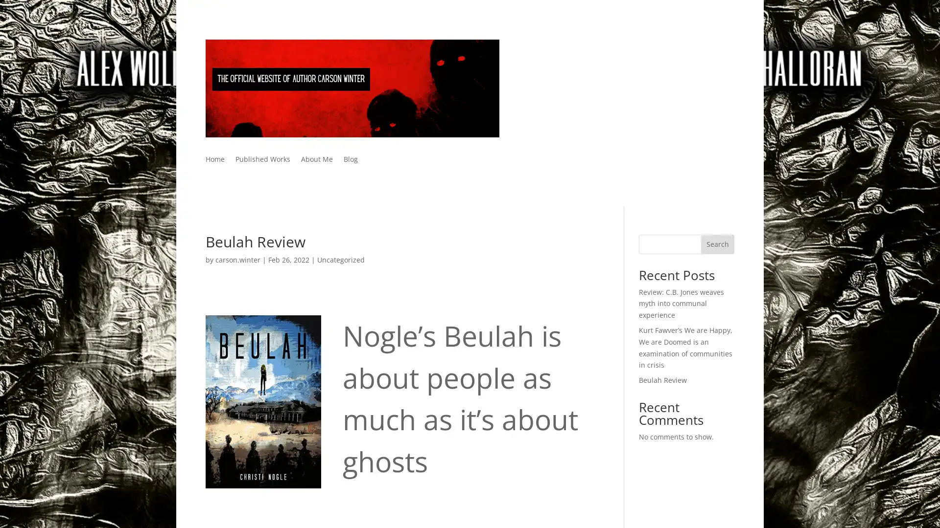 This screenshot has width=940, height=528. I want to click on Search, so click(717, 243).